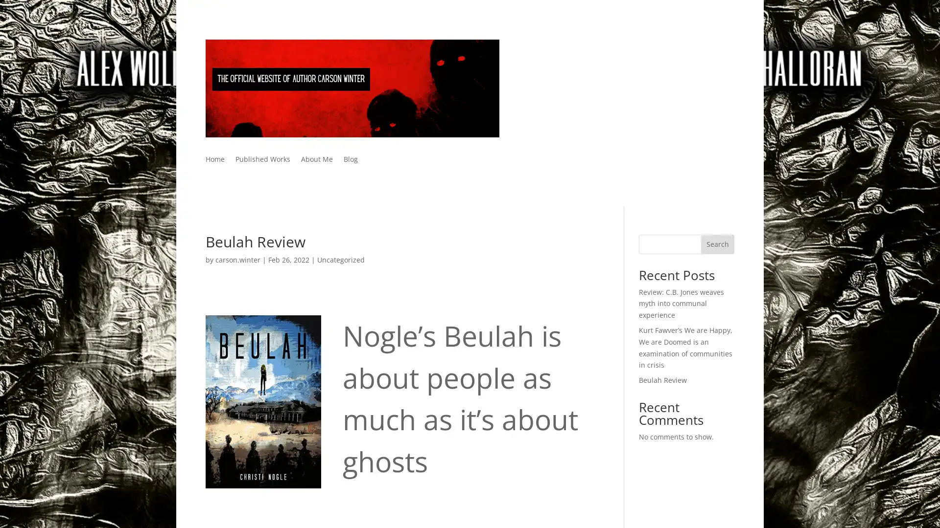 This screenshot has width=940, height=528. I want to click on Search, so click(717, 243).